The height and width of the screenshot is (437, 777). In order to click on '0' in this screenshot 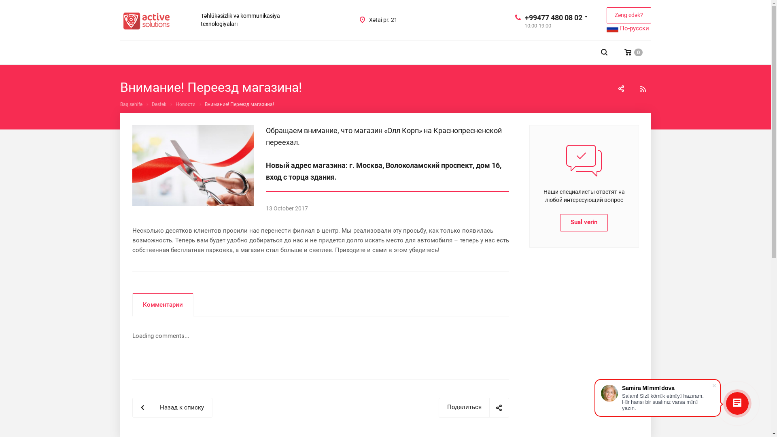, I will do `click(633, 52)`.